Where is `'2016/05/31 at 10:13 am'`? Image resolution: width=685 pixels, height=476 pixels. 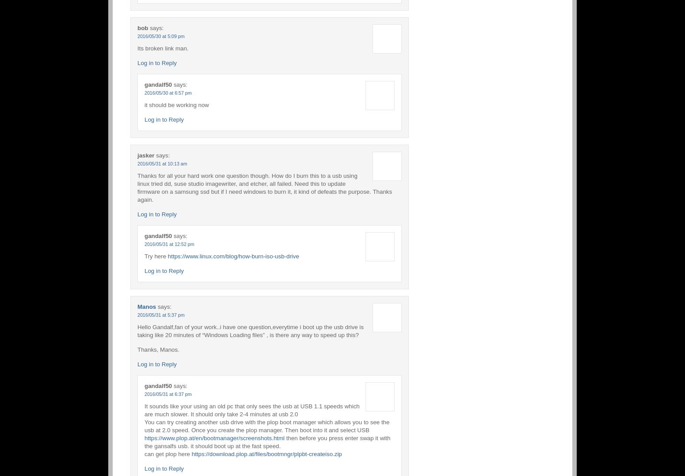
'2016/05/31 at 10:13 am' is located at coordinates (137, 162).